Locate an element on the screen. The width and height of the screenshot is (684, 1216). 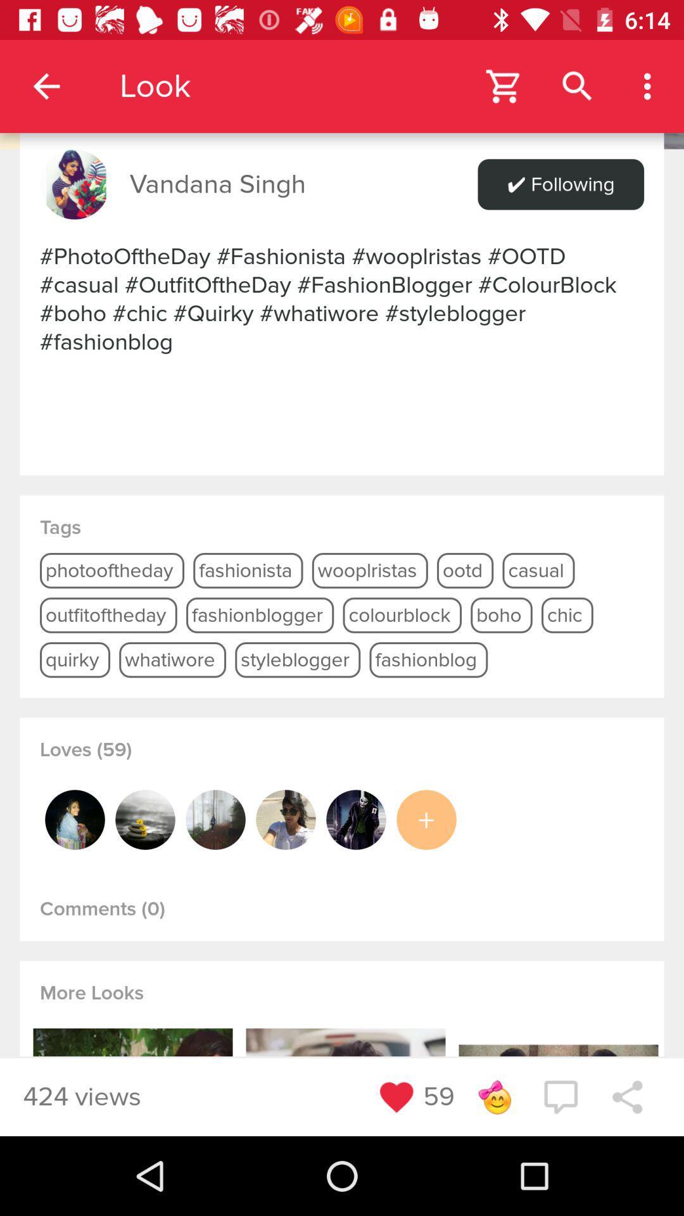
favorites is located at coordinates (396, 1096).